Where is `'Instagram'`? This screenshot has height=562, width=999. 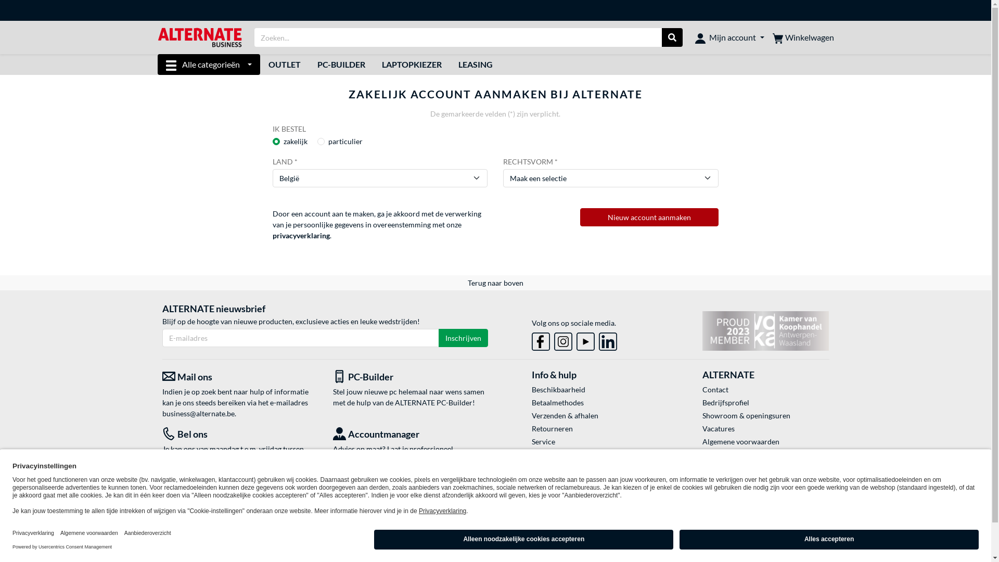 'Instagram' is located at coordinates (562, 341).